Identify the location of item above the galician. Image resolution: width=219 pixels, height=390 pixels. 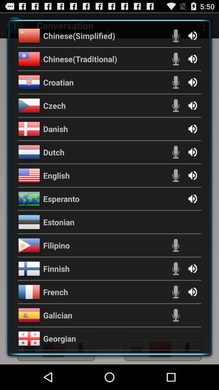
(55, 292).